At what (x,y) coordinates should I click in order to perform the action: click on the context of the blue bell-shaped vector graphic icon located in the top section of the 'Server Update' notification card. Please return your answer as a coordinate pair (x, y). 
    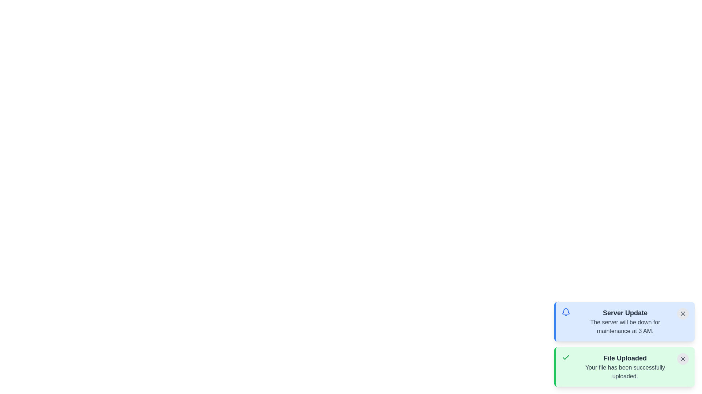
    Looking at the image, I should click on (566, 311).